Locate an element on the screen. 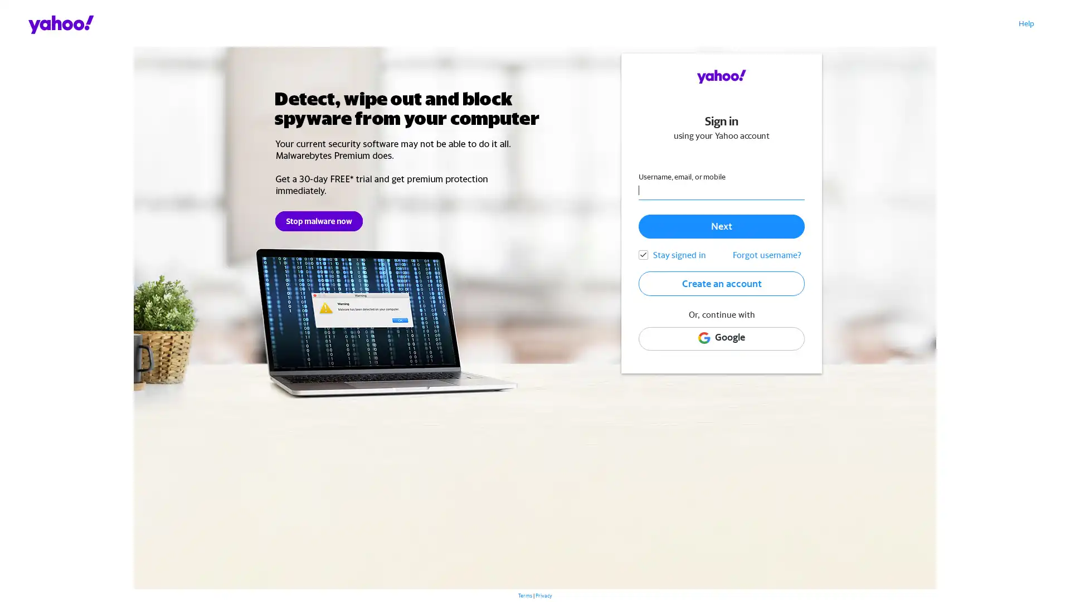 This screenshot has height=602, width=1070. Next is located at coordinates (721, 226).